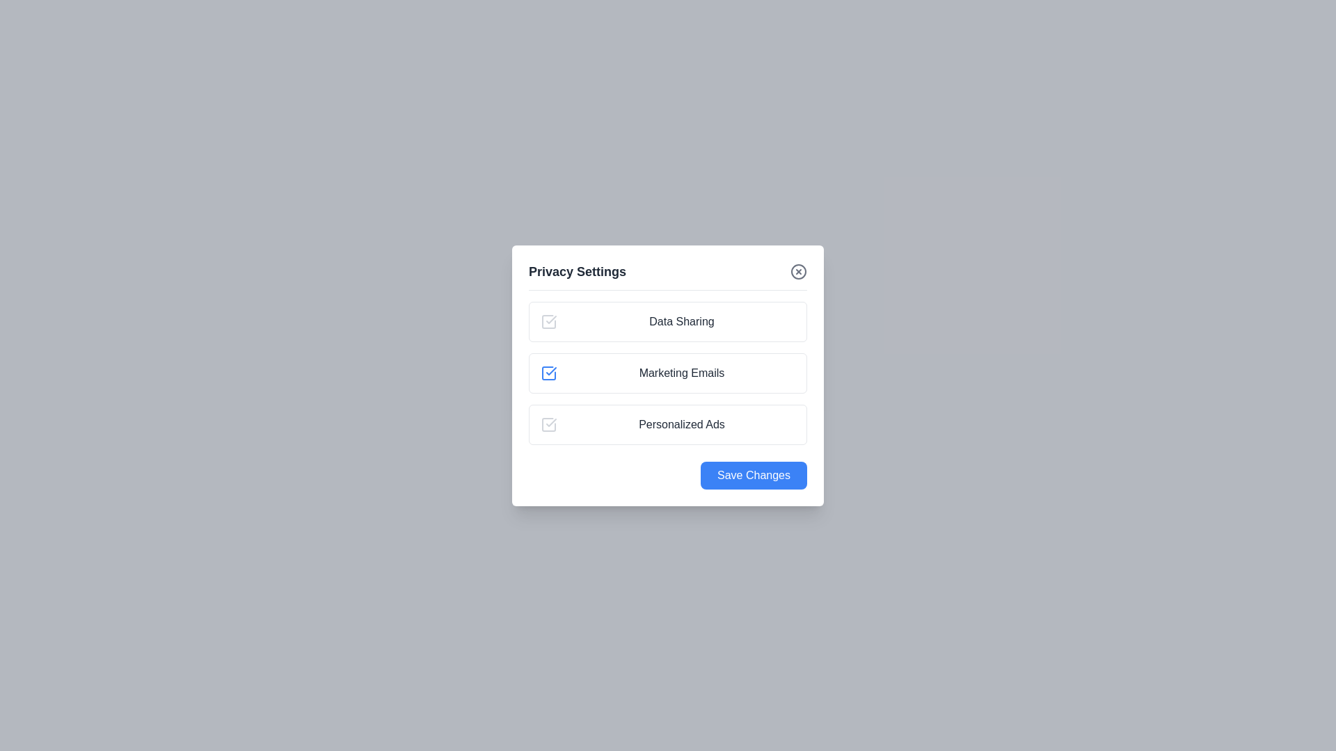 Image resolution: width=1336 pixels, height=751 pixels. Describe the element at coordinates (681, 321) in the screenshot. I see `the preference title Data Sharing from the list` at that location.